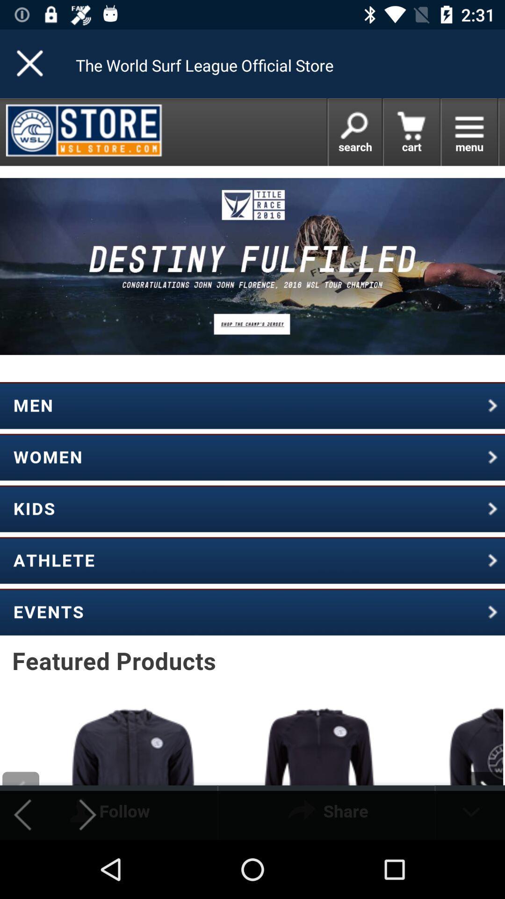 The width and height of the screenshot is (505, 899). What do you see at coordinates (30, 63) in the screenshot?
I see `close` at bounding box center [30, 63].